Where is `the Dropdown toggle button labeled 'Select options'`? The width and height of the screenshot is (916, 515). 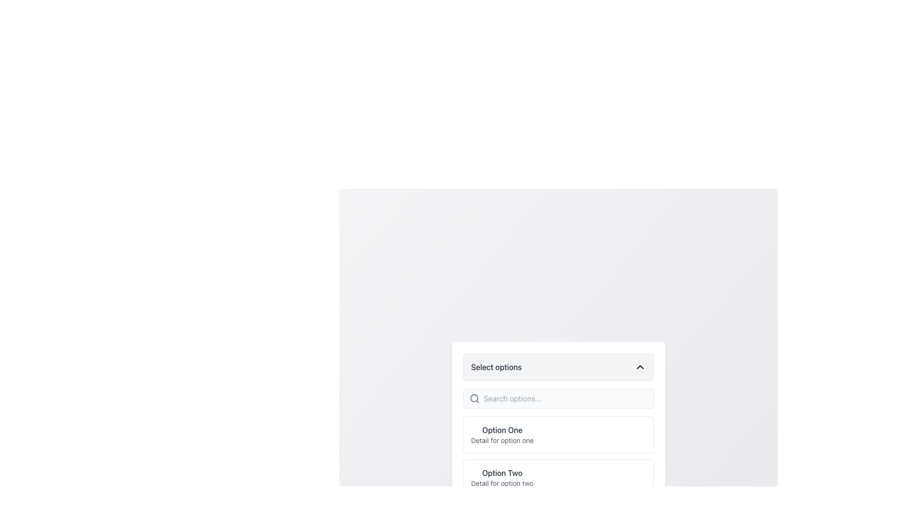 the Dropdown toggle button labeled 'Select options' is located at coordinates (558, 367).